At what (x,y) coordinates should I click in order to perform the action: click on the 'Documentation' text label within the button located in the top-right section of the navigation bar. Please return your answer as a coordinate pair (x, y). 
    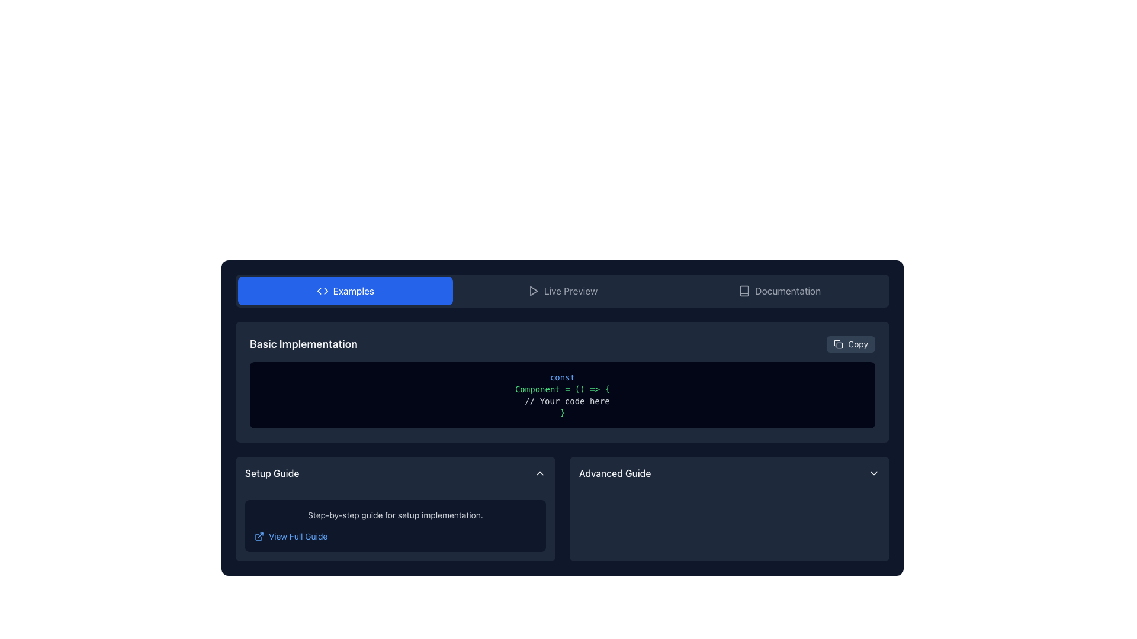
    Looking at the image, I should click on (788, 291).